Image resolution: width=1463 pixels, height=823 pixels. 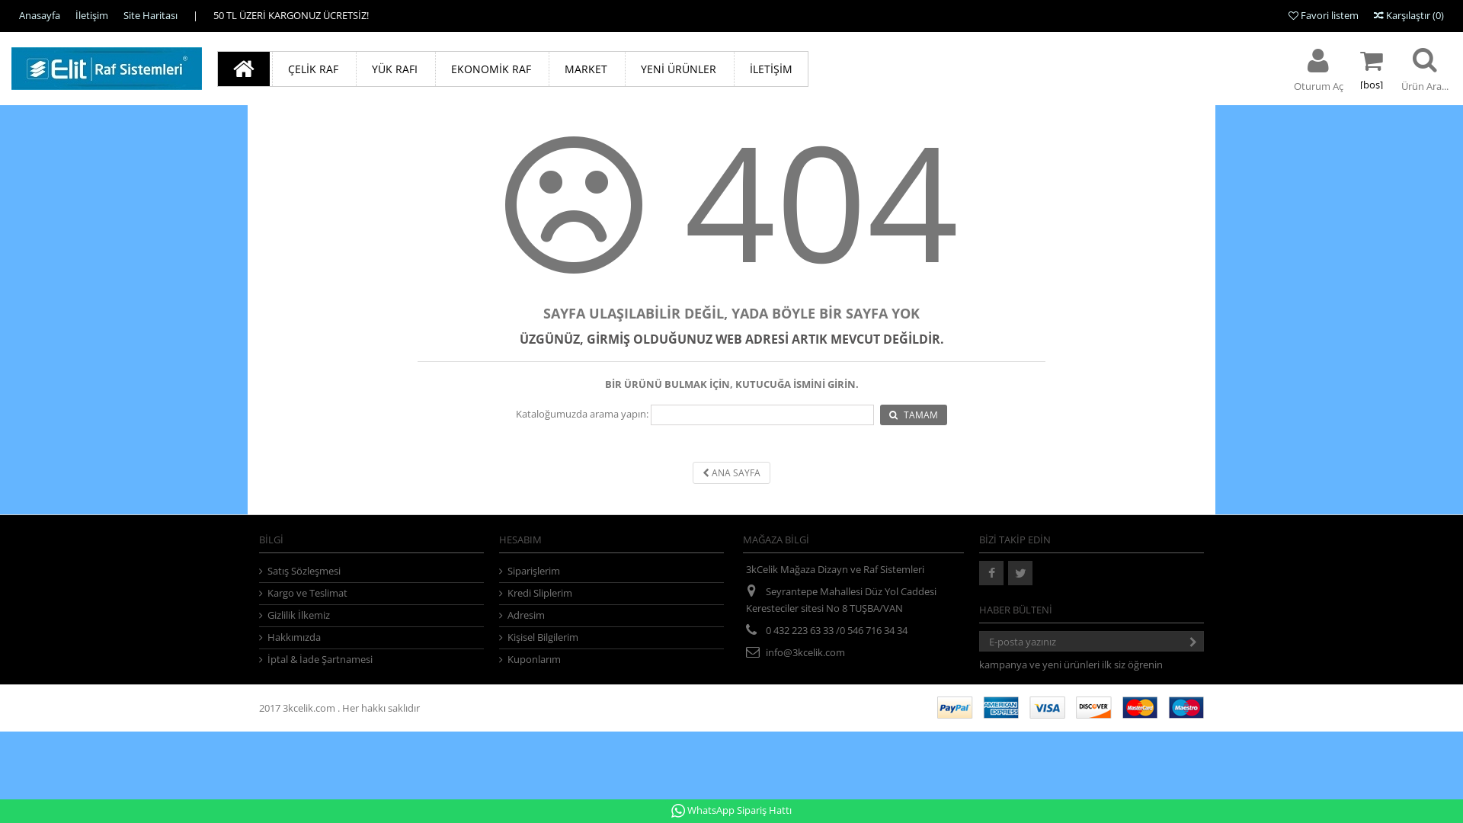 I want to click on 'Facebook', so click(x=991, y=573).